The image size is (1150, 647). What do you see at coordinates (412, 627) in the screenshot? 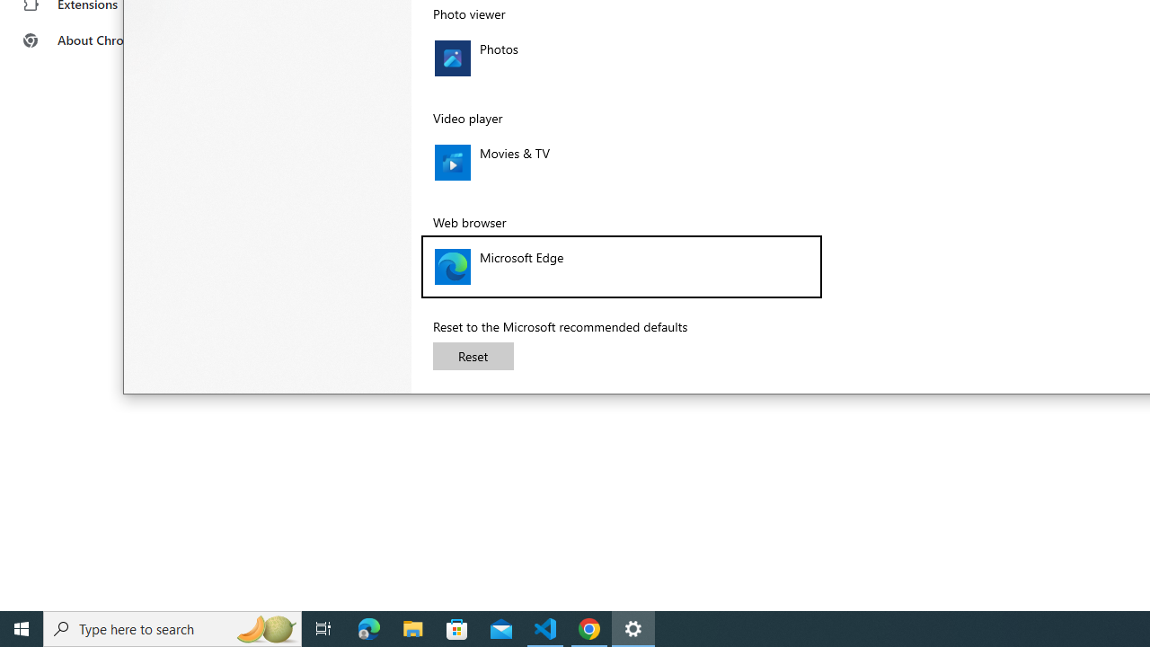
I see `'File Explorer'` at bounding box center [412, 627].